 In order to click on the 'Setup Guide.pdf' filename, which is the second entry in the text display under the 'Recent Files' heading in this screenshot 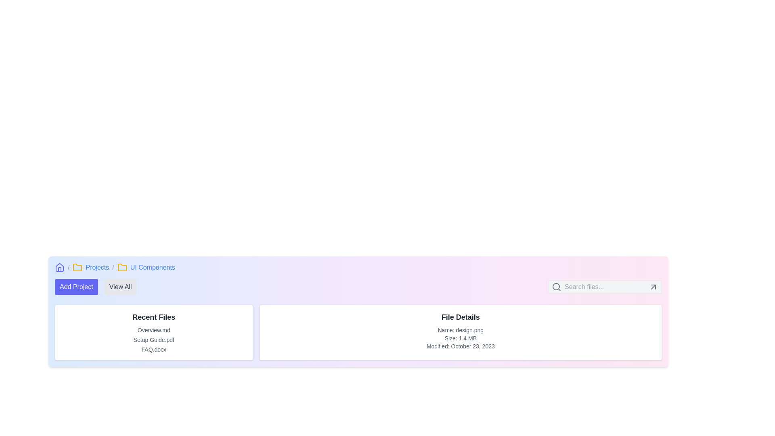, I will do `click(154, 340)`.